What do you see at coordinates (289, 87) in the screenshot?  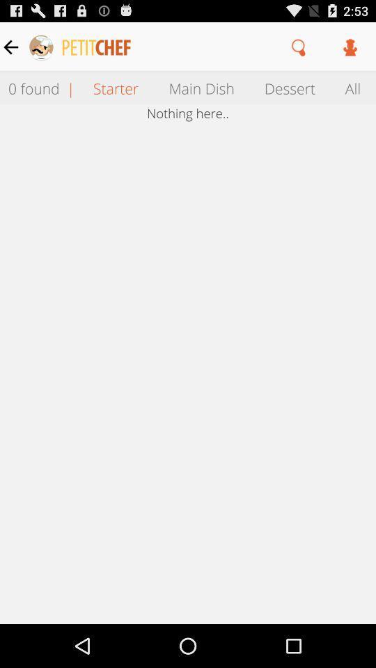 I see `the item to the left of all` at bounding box center [289, 87].